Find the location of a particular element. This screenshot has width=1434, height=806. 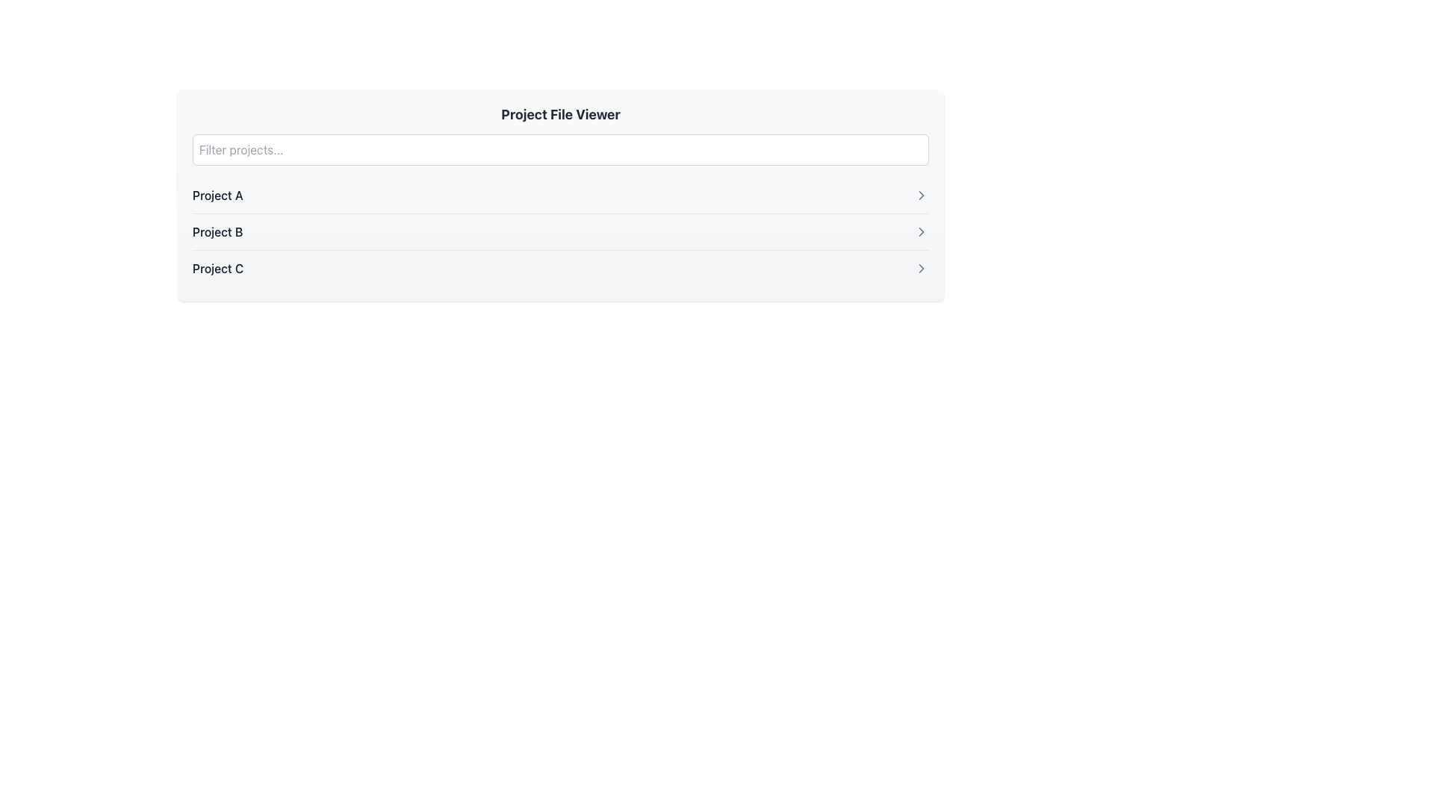

the Chevron icon located at the far-right of the list entry labeled 'Project B' is located at coordinates (920, 232).